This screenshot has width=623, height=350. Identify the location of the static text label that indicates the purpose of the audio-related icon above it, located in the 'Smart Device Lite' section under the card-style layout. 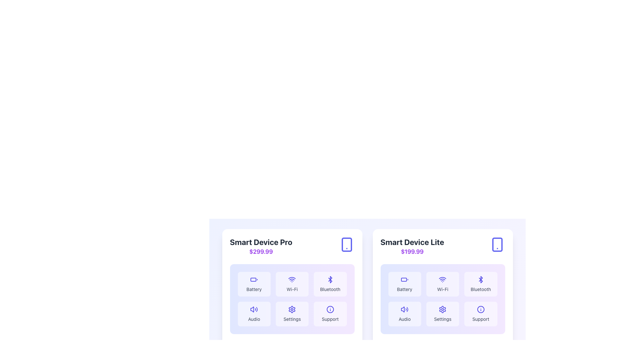
(254, 319).